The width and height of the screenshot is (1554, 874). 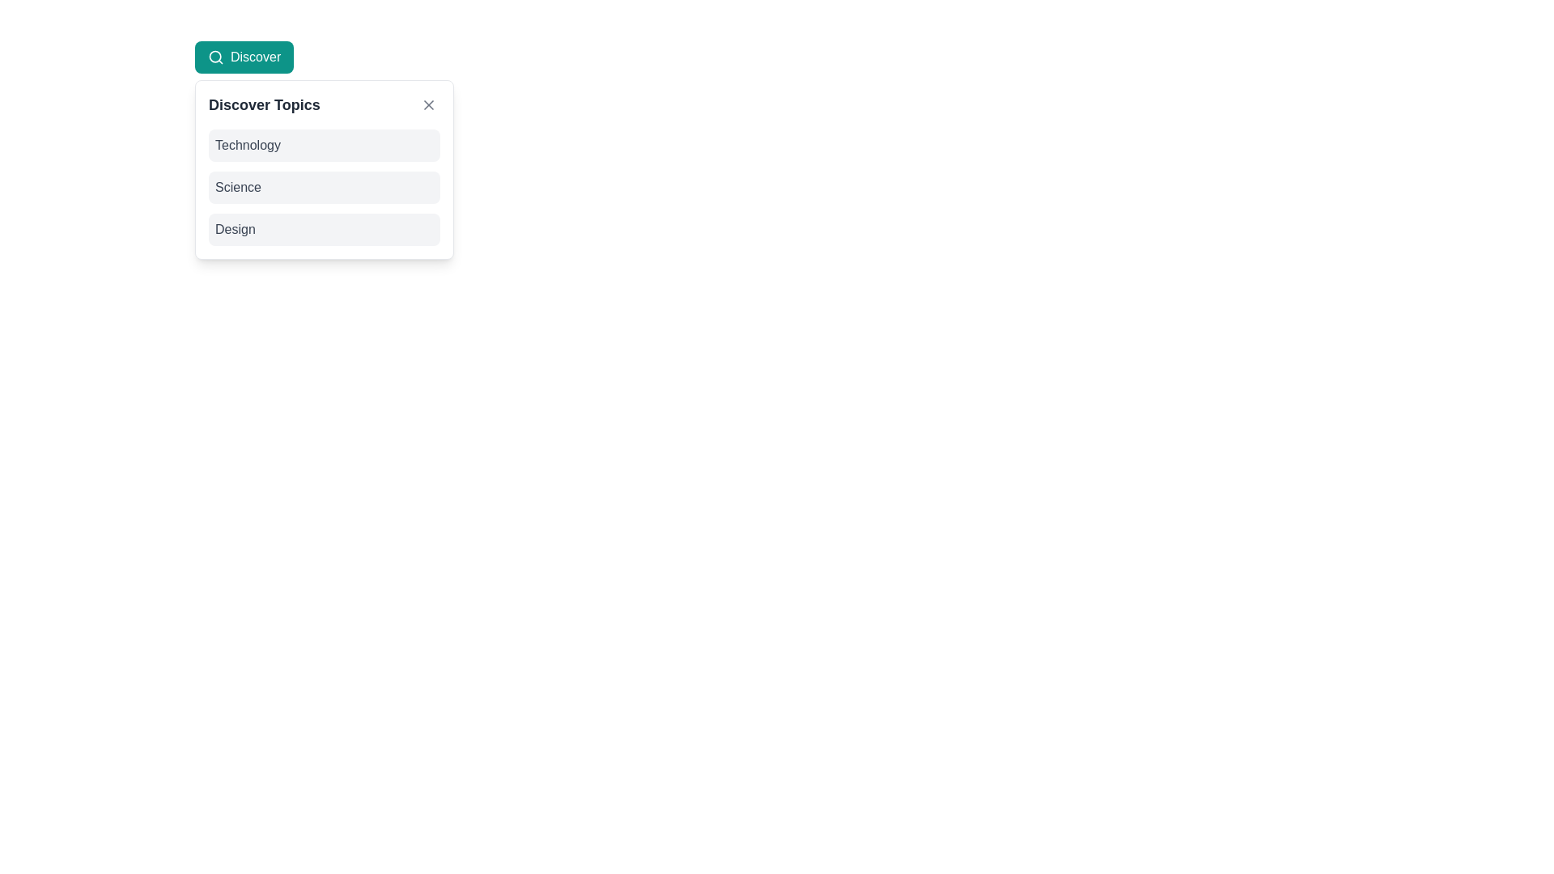 I want to click on the third item in the vertically stacked list labeled 'Discover Topics', so click(x=324, y=230).